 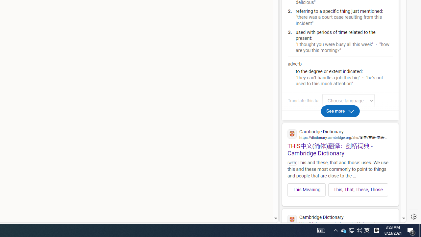 I want to click on 'This Meaning', so click(x=306, y=190).